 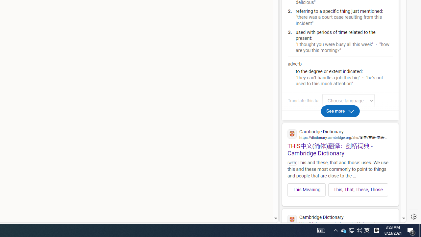 I want to click on 'This Meaning', so click(x=306, y=190).